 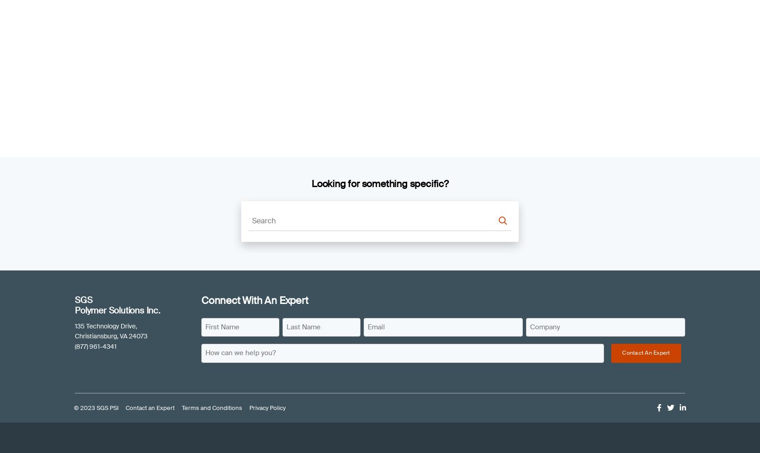 What do you see at coordinates (95, 408) in the screenshot?
I see `'© 2023 SGS PSI'` at bounding box center [95, 408].